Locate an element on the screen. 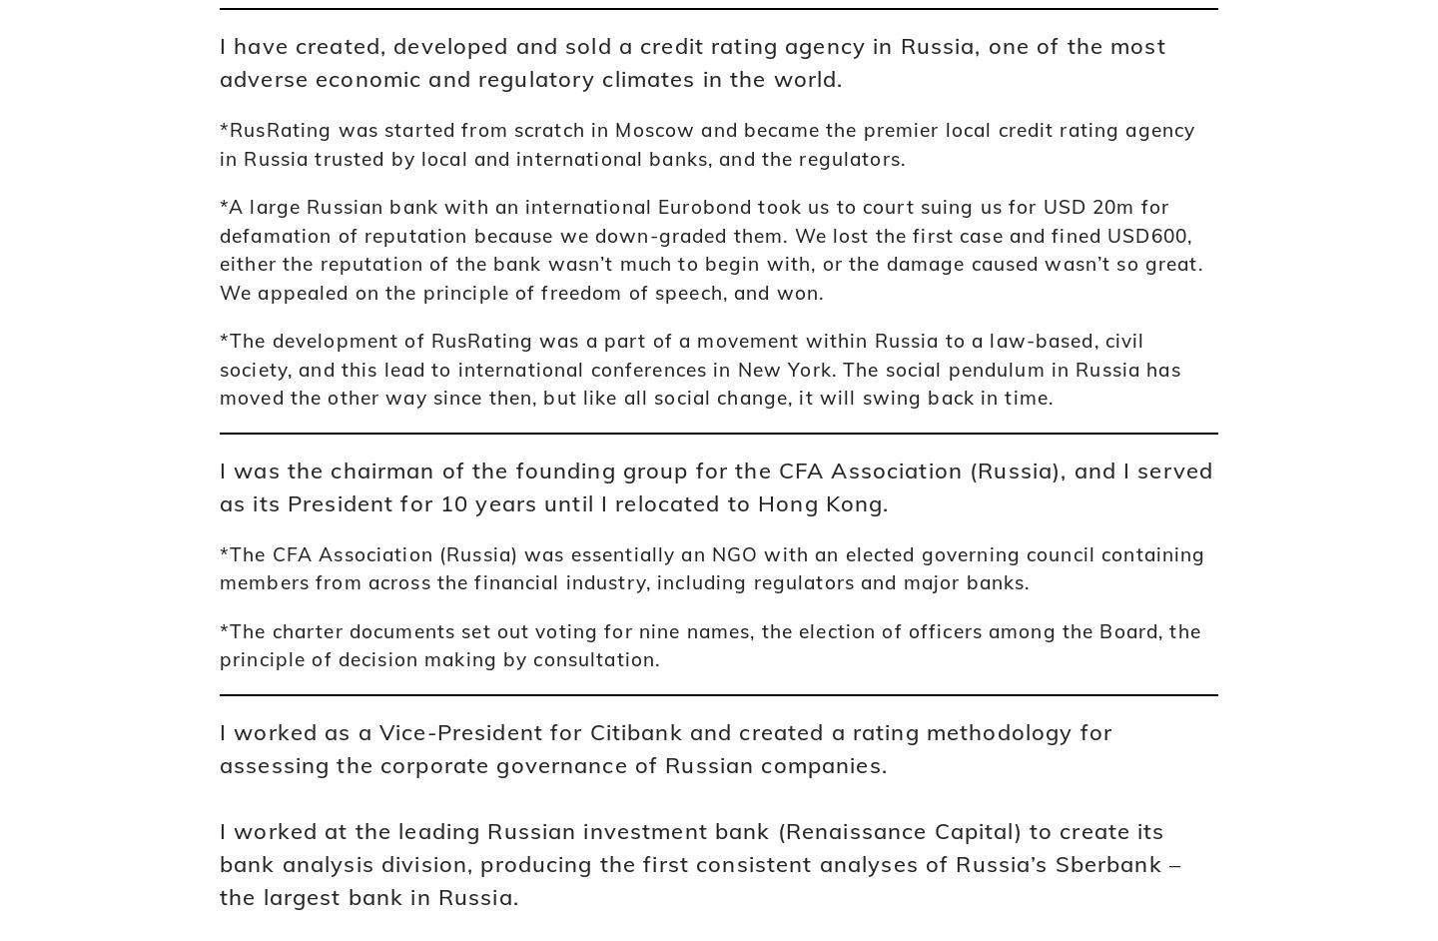  'About Bahá’í Faith' is located at coordinates (290, 471).